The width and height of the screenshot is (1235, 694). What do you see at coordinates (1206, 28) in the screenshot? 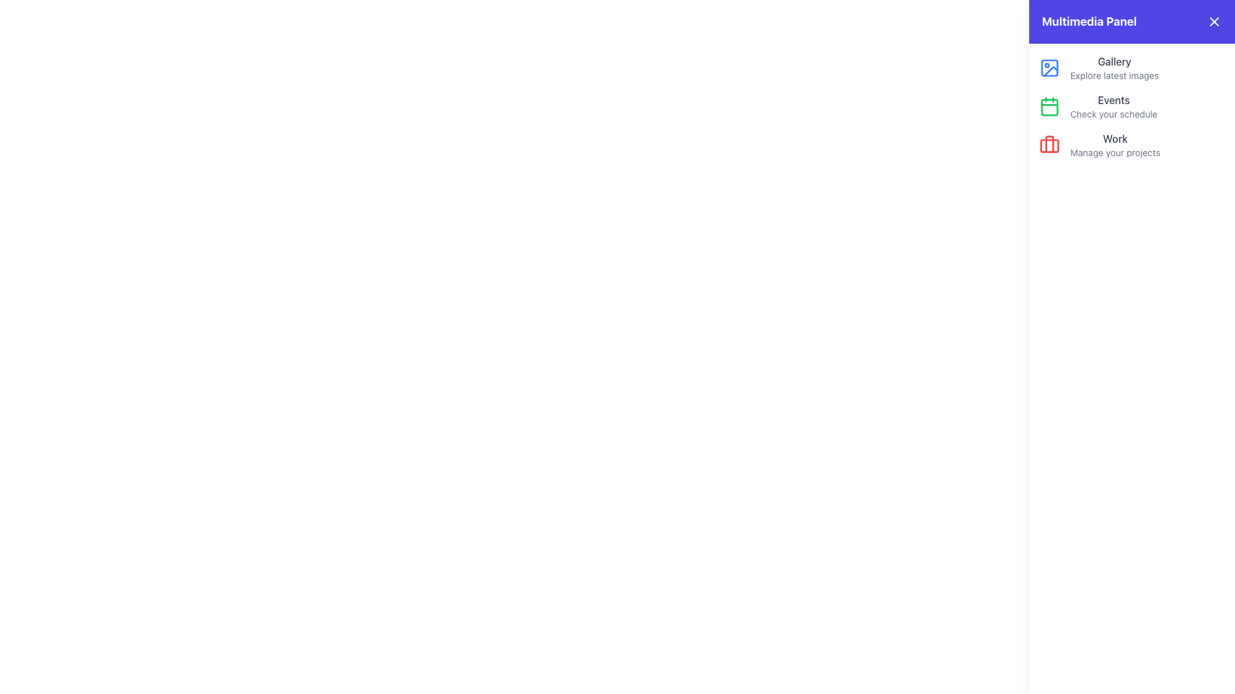
I see `the circular button with a purple background and 'x' icon` at bounding box center [1206, 28].